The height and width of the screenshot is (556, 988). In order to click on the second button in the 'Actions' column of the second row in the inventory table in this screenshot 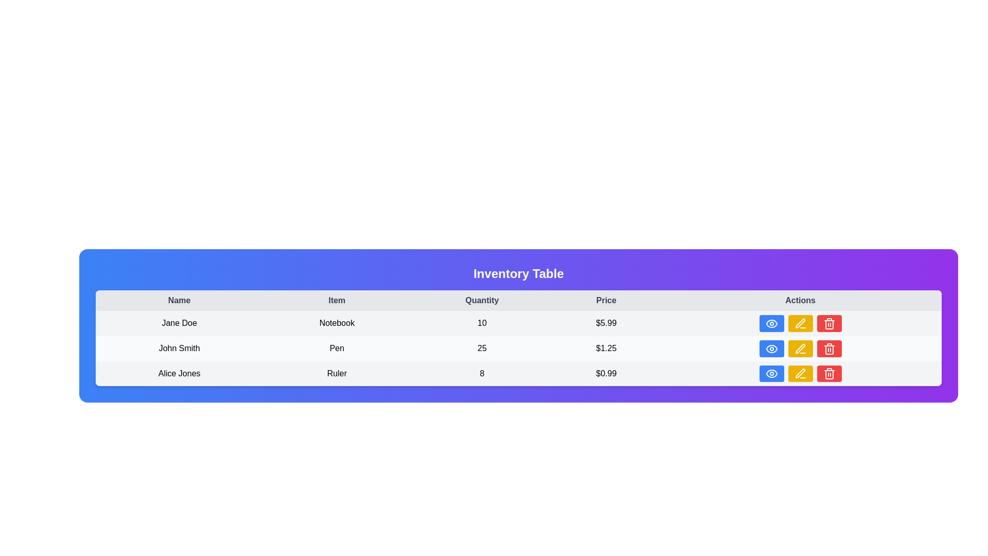, I will do `click(800, 323)`.